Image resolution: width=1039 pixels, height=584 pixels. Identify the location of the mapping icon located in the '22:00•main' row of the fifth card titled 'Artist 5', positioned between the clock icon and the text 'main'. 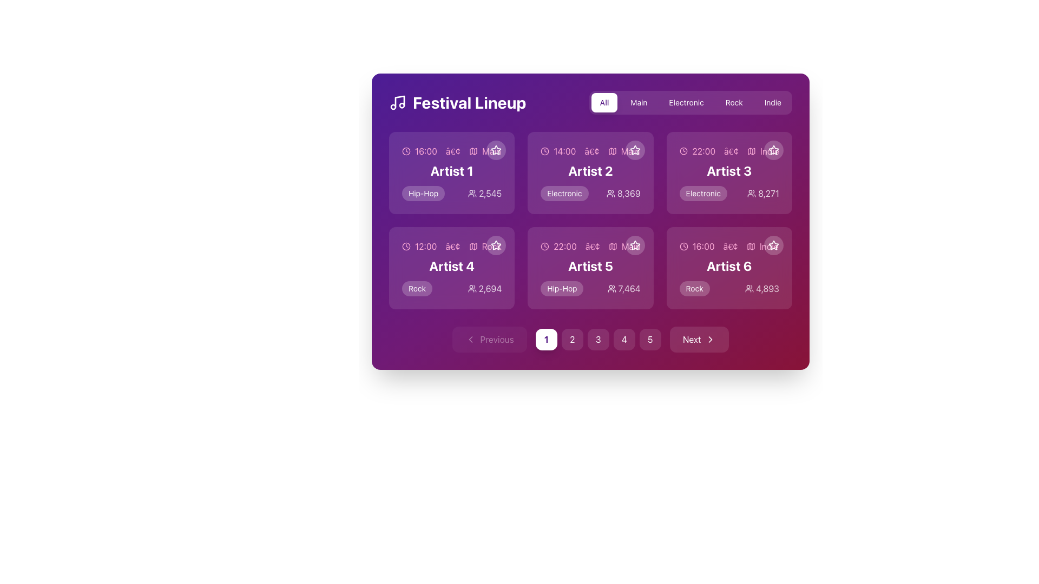
(613, 246).